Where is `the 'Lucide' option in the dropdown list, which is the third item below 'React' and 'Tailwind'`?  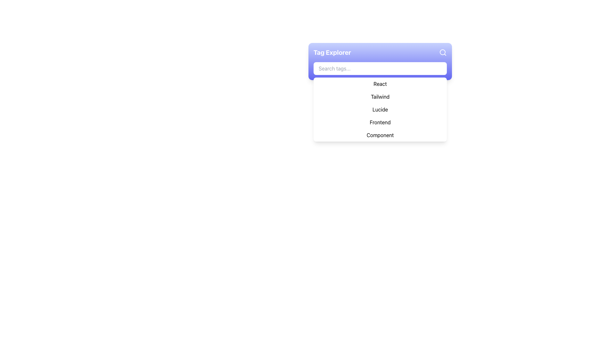 the 'Lucide' option in the dropdown list, which is the third item below 'React' and 'Tailwind' is located at coordinates (380, 109).